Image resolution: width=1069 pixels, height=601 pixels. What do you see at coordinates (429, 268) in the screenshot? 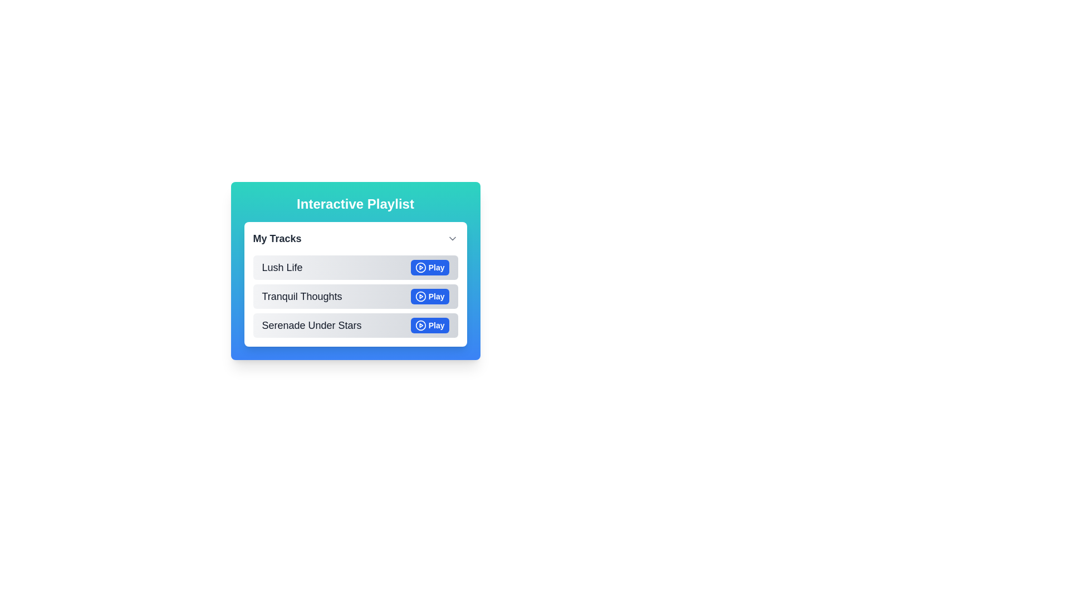
I see `the playback control button for the track 'Lush Life' in the 'My Tracks' section` at bounding box center [429, 268].